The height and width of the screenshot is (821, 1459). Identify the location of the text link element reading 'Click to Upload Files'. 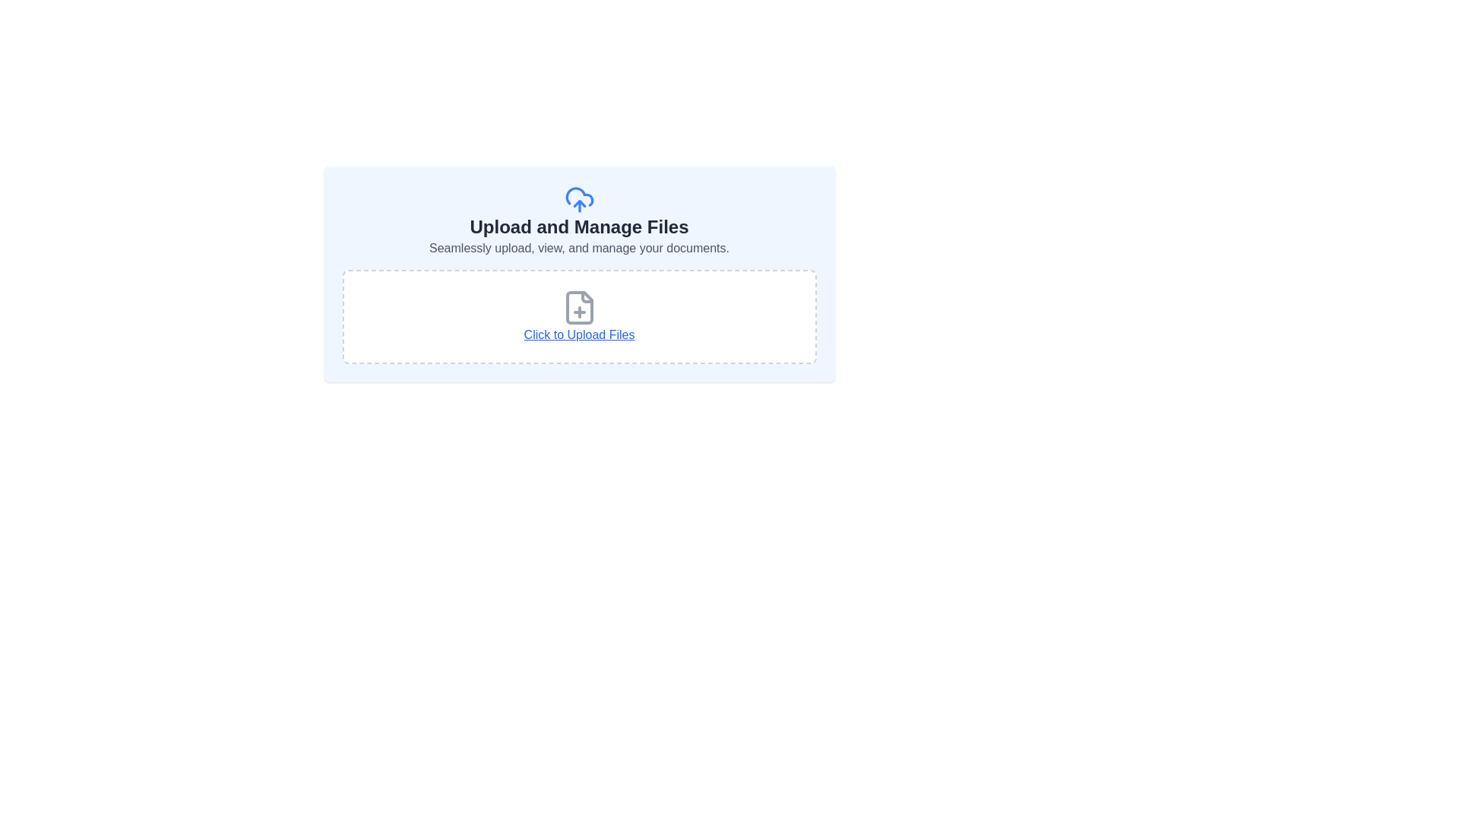
(578, 334).